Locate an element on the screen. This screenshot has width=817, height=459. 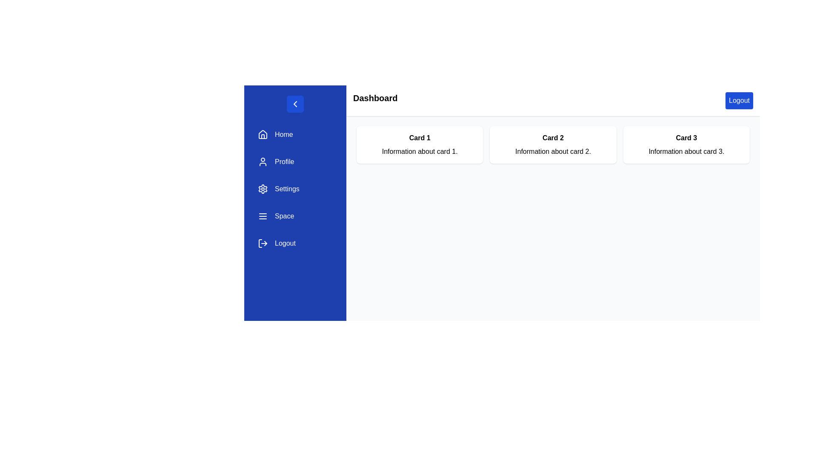
the three-line menu icon in the sidebar navigation panel associated with the 'Space' menu item is located at coordinates (263, 216).